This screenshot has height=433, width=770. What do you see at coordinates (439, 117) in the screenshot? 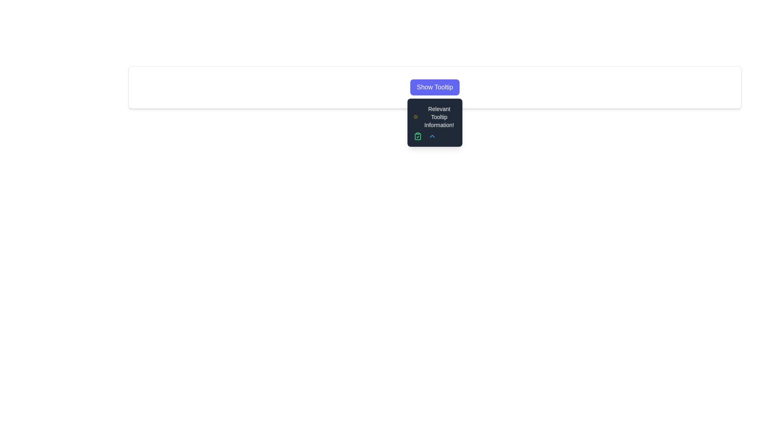
I see `the medium-sized text block displaying 'Relevant Tooltip Information!' which is styled in white on a dark background within the tooltip interface` at bounding box center [439, 117].